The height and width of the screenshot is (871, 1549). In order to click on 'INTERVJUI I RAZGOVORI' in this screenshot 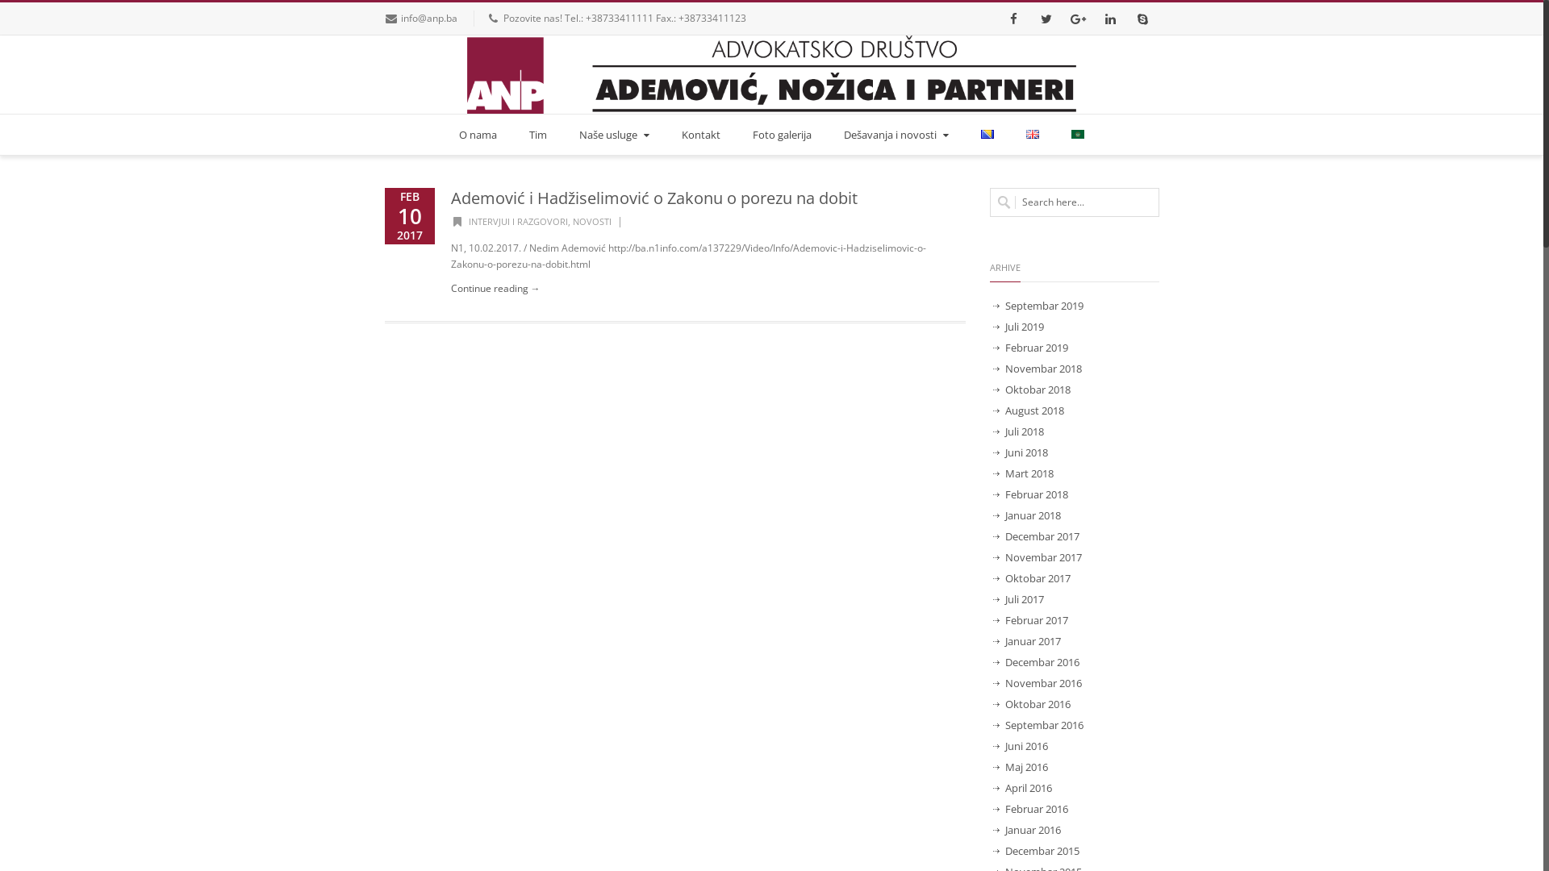, I will do `click(518, 221)`.